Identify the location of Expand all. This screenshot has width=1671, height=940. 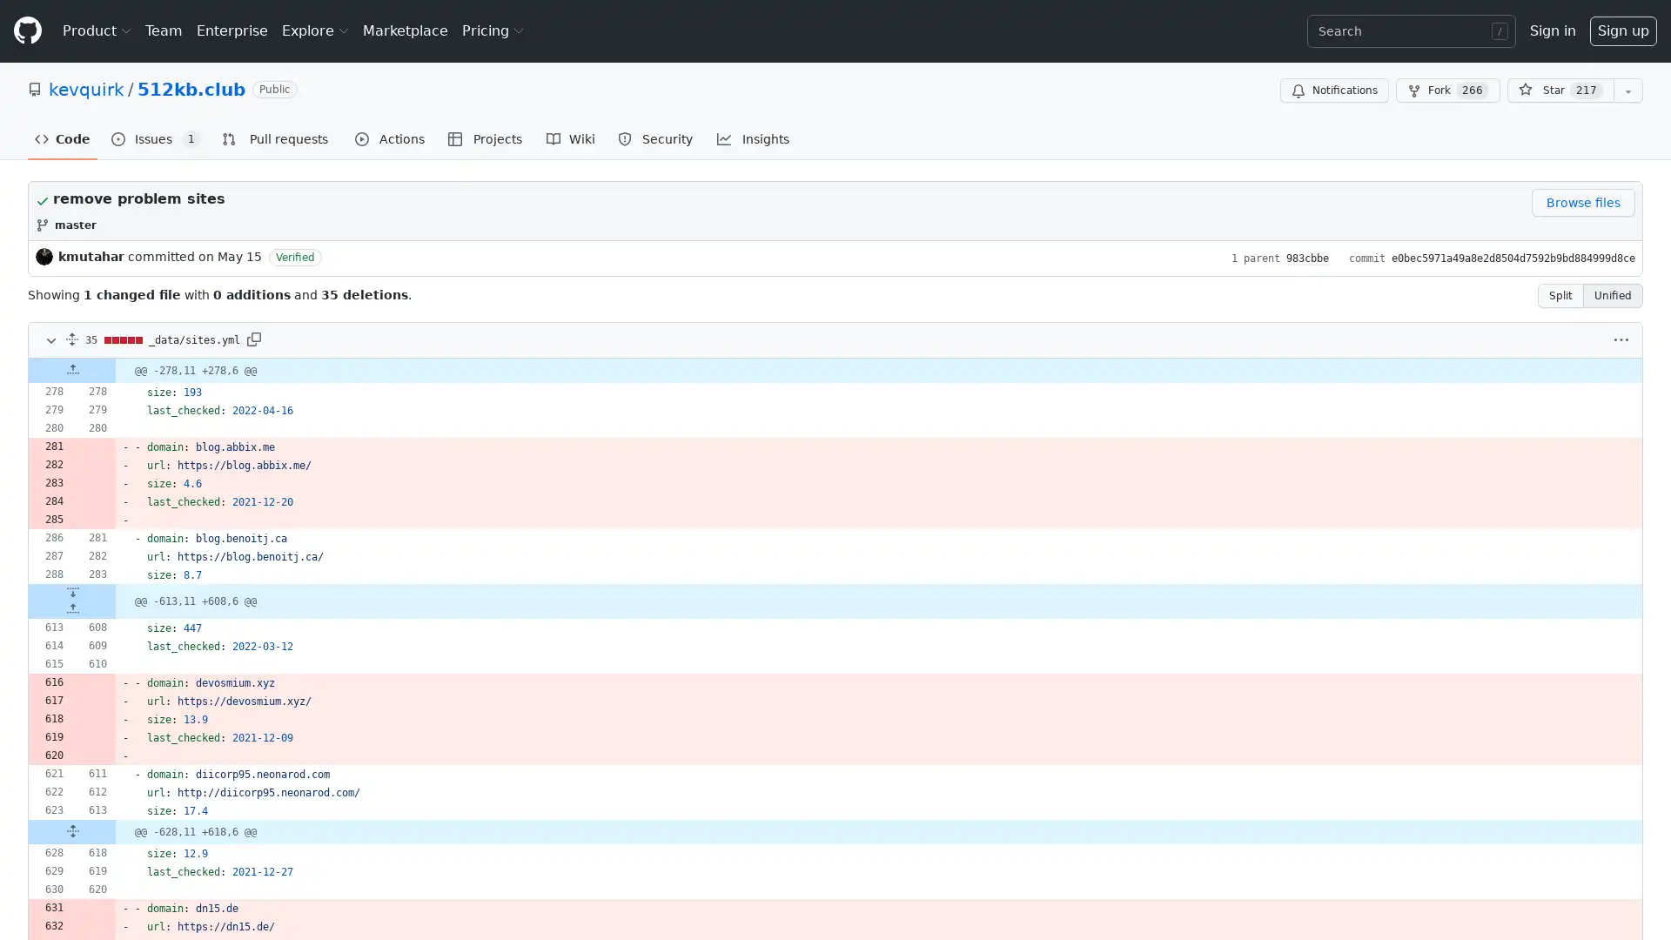
(70, 339).